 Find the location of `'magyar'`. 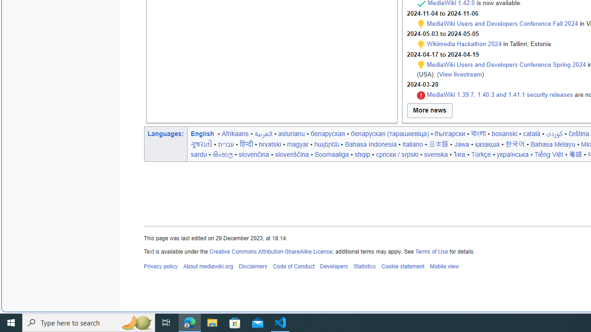

'magyar' is located at coordinates (298, 144).